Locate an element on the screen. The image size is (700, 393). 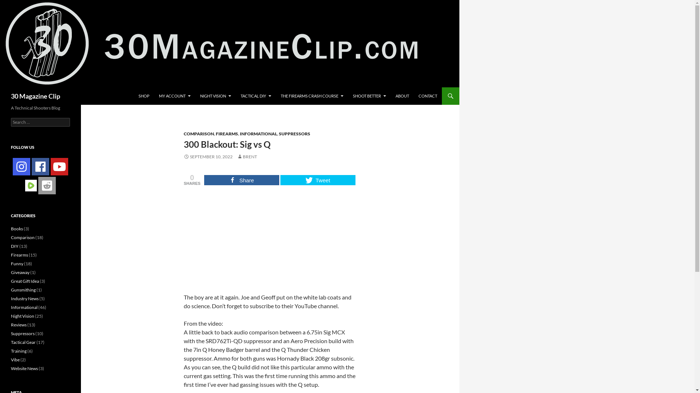
'CONTACT' is located at coordinates (414, 95).